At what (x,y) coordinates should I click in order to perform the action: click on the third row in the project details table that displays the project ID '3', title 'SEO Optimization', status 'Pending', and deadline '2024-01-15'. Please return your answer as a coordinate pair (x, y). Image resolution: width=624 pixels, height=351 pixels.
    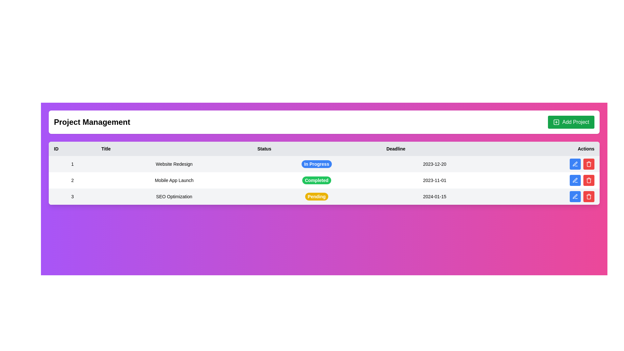
    Looking at the image, I should click on (324, 196).